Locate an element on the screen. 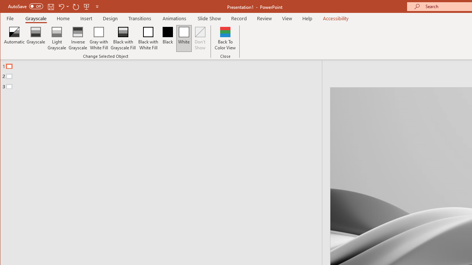 The height and width of the screenshot is (265, 472). 'Customize Quick Access Toolbar' is located at coordinates (97, 6).